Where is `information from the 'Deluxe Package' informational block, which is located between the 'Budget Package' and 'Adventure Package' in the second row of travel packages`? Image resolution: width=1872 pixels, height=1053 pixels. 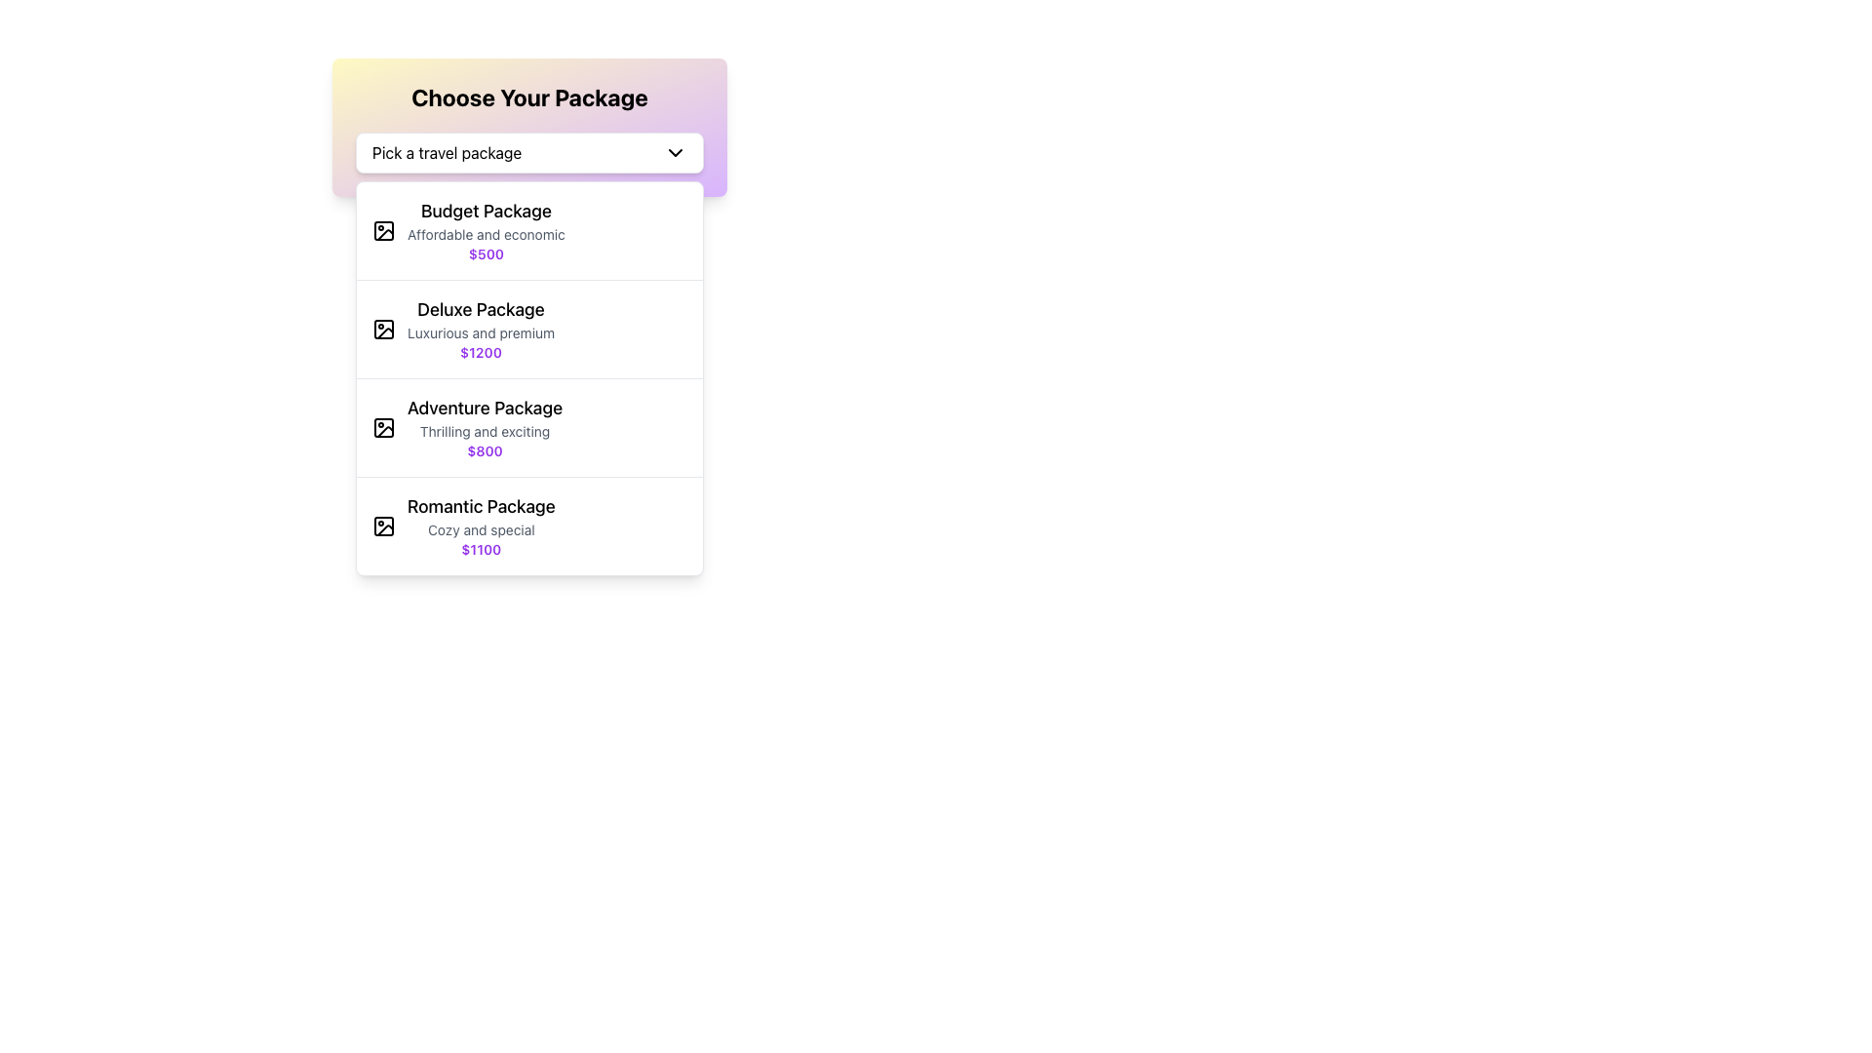 information from the 'Deluxe Package' informational block, which is located between the 'Budget Package' and 'Adventure Package' in the second row of travel packages is located at coordinates (481, 329).